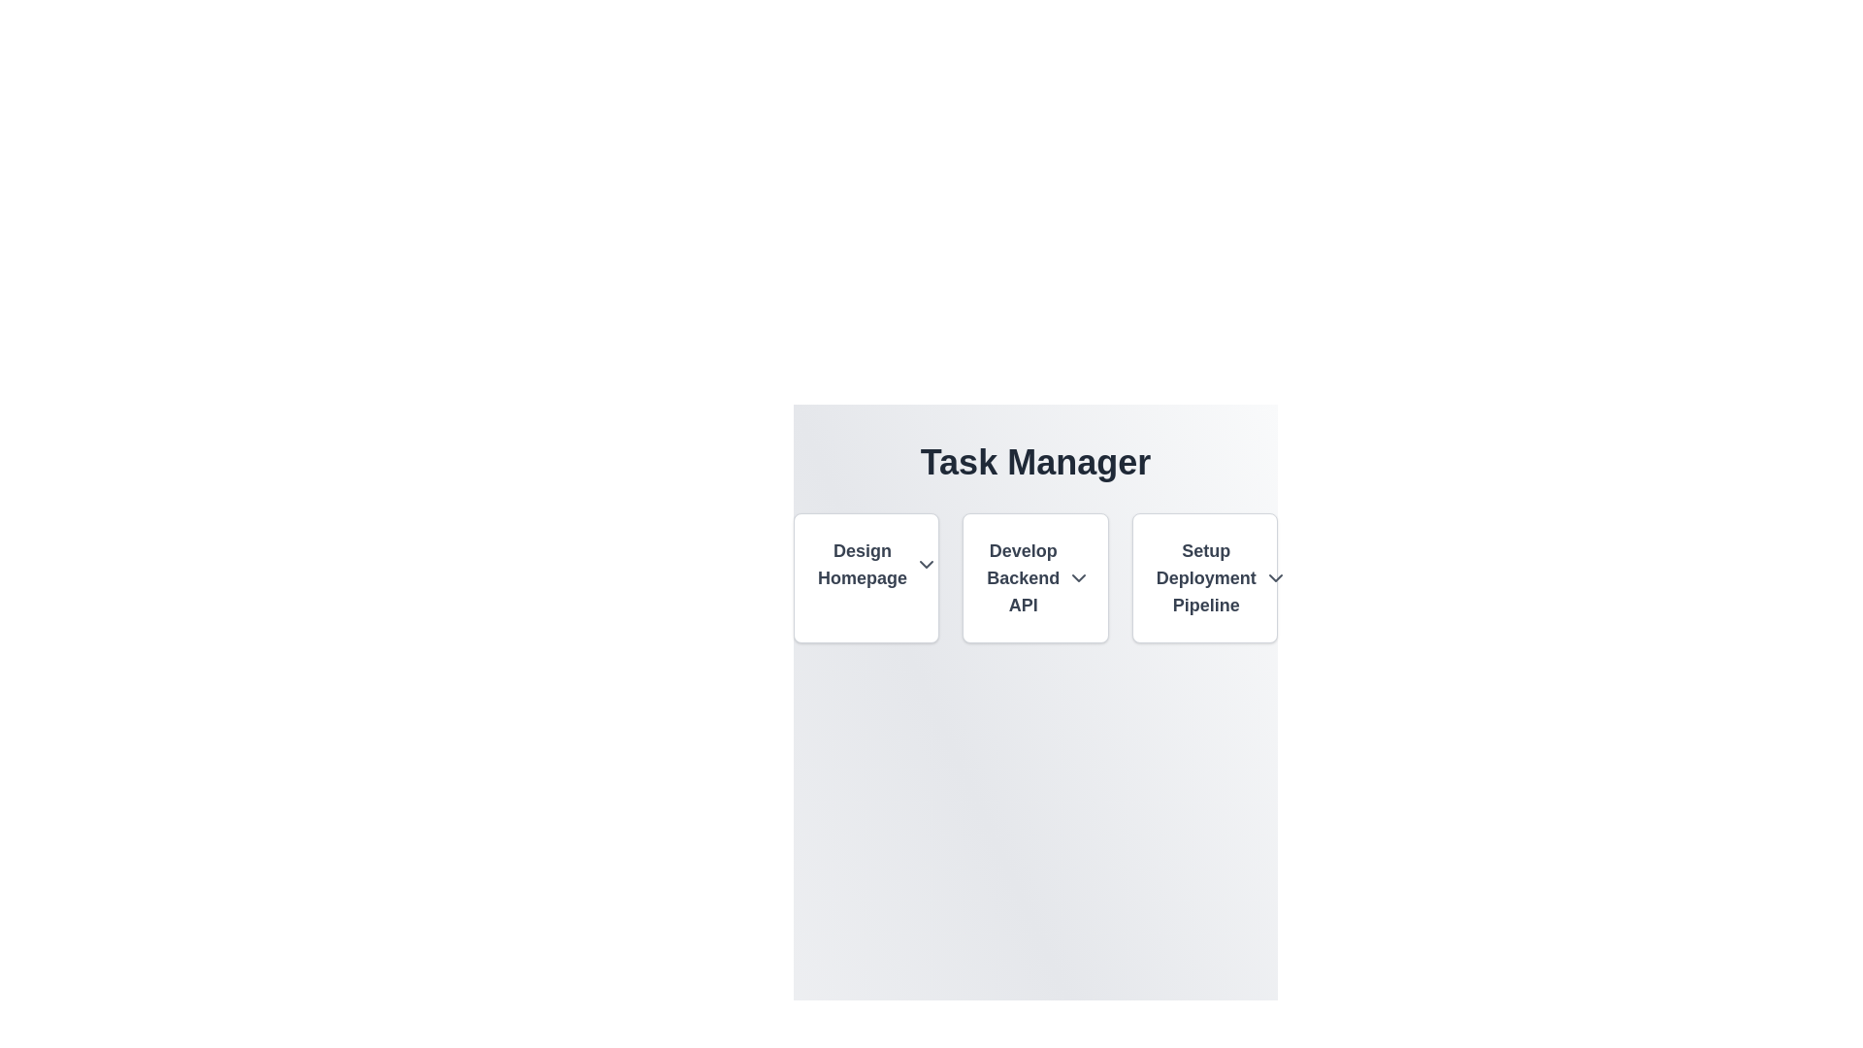  I want to click on the chevron icon in the first card under 'Task Manager' next to 'Design Homepage', so click(926, 565).